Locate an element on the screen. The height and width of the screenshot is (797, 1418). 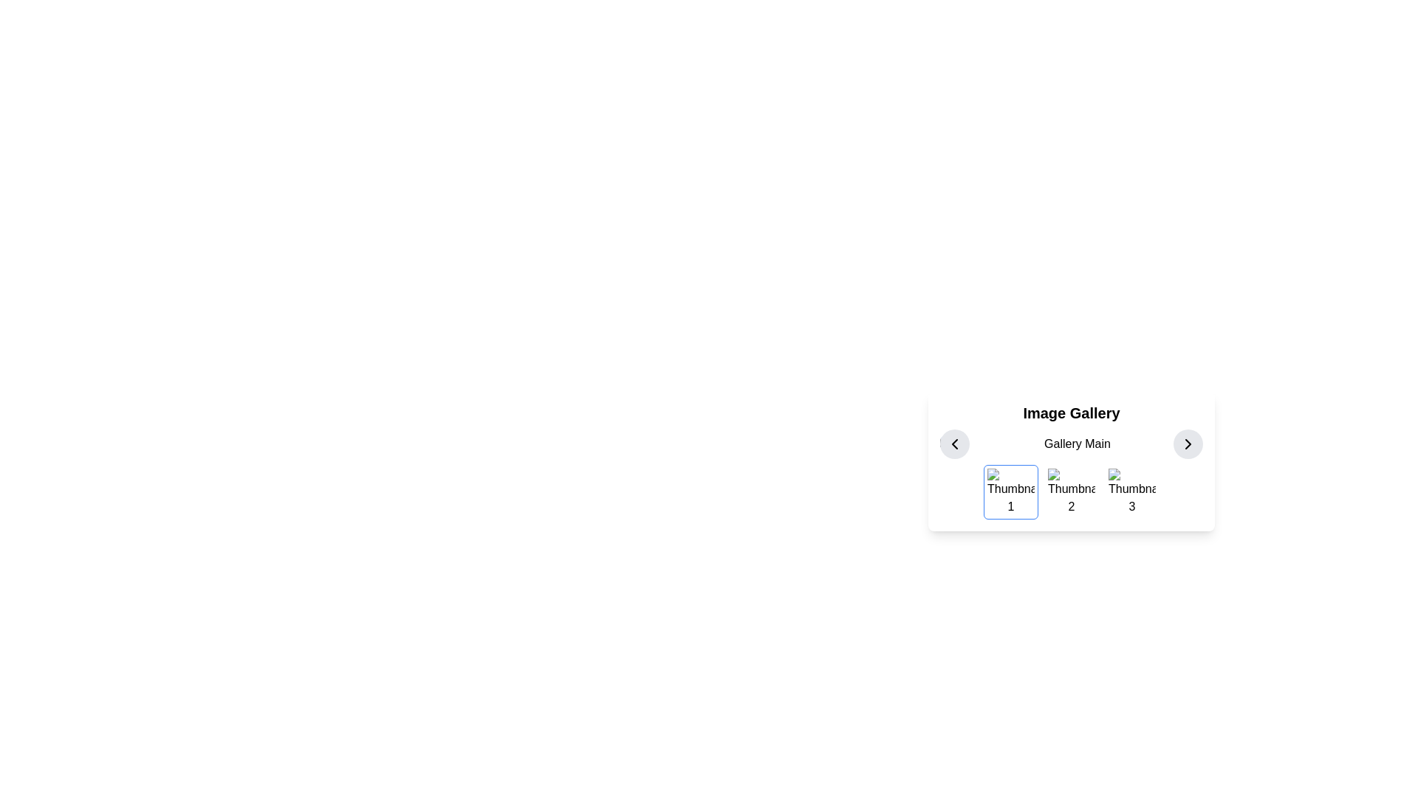
the SVG Icon located in the navigation section of the interface is located at coordinates (1188, 443).